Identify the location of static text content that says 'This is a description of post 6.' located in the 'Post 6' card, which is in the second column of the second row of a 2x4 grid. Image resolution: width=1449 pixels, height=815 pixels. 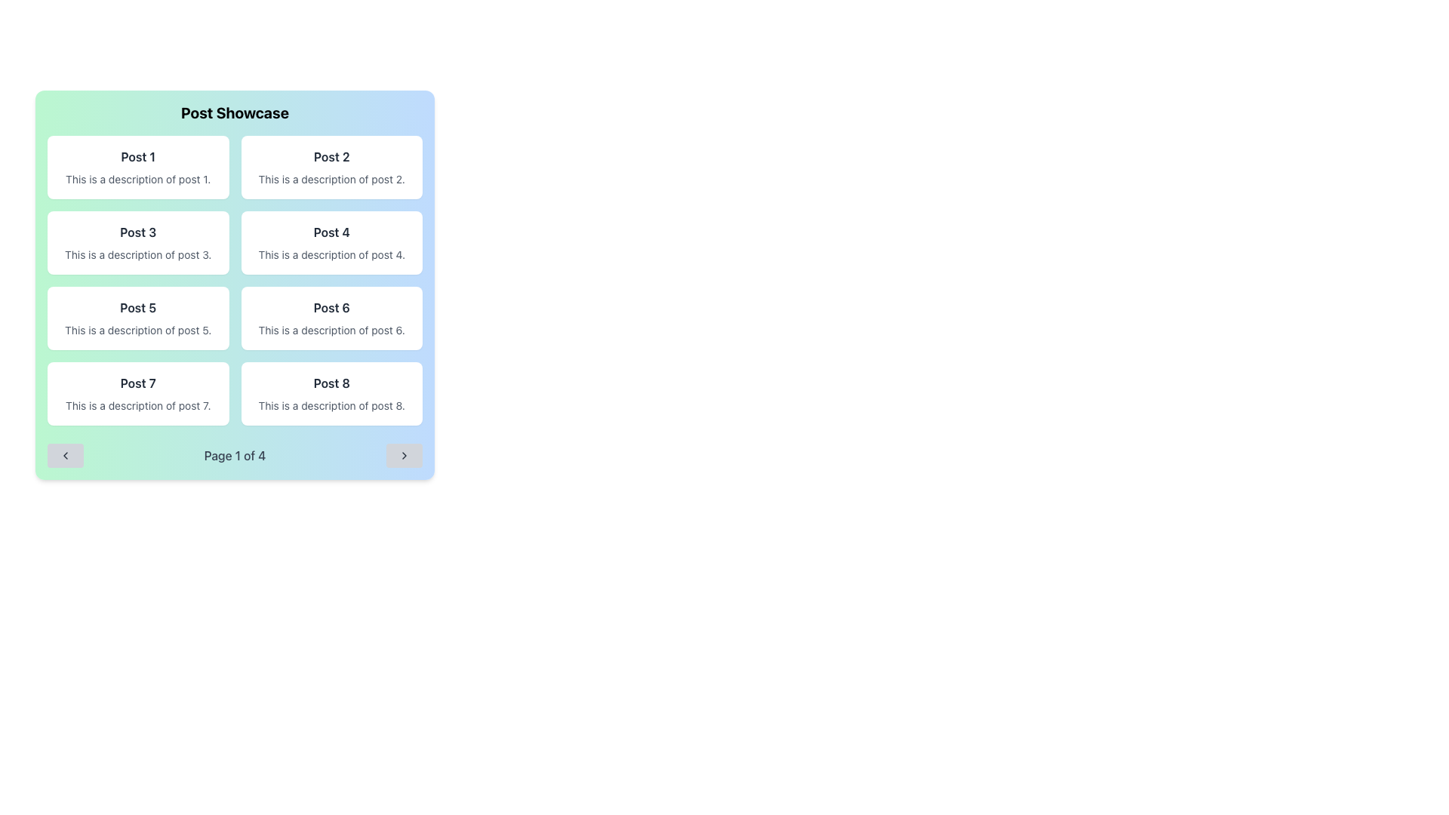
(331, 330).